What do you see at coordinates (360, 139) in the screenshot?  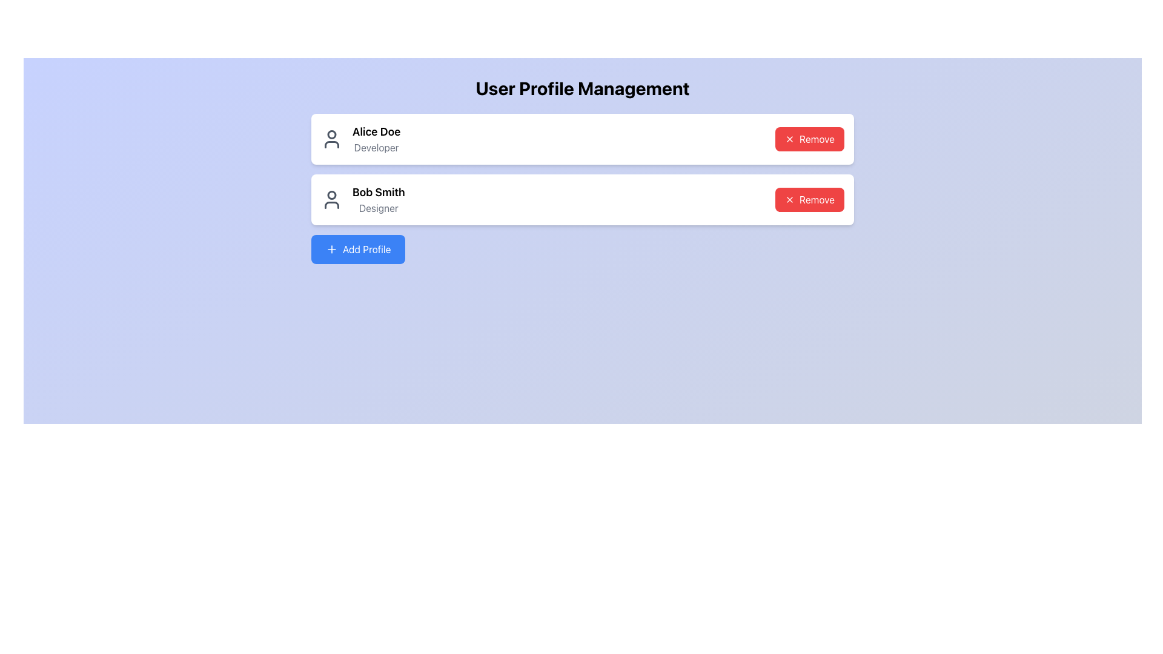 I see `the text component displaying 'Alice Doe' and 'Developer' in the first profile entry of the user profiles list, which is accompanied by a person icon` at bounding box center [360, 139].